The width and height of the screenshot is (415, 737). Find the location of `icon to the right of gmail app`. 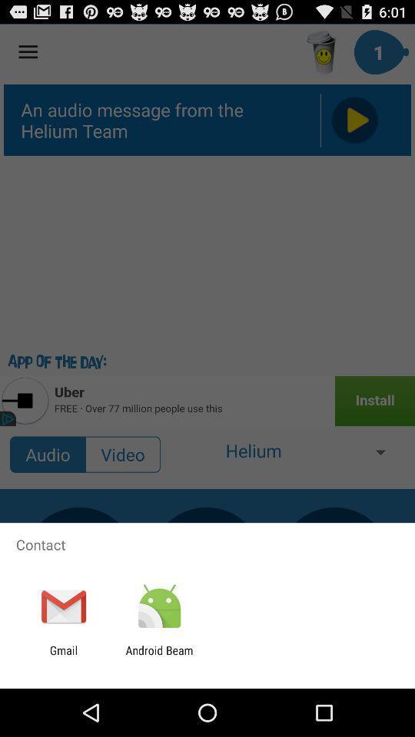

icon to the right of gmail app is located at coordinates (158, 656).